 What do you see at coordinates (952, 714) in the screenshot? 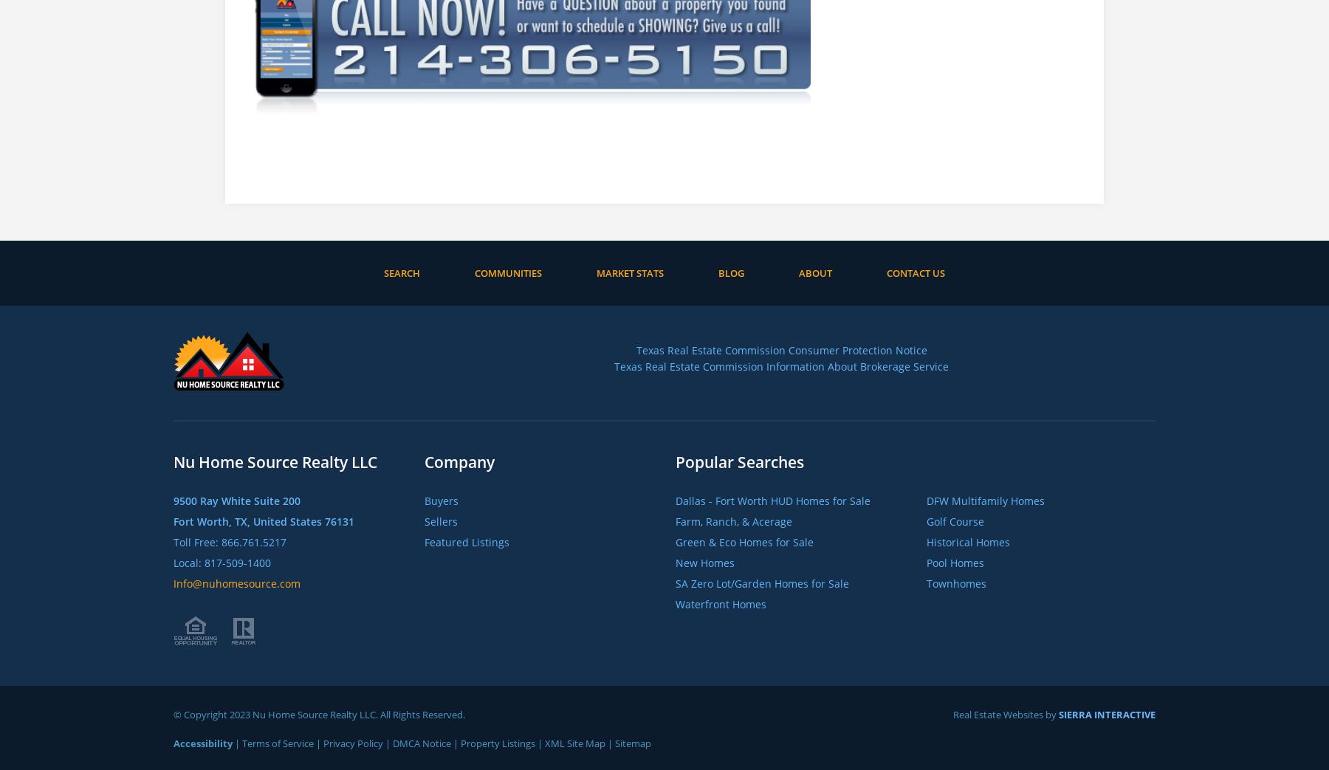
I see `'Real Estate Websites by'` at bounding box center [952, 714].